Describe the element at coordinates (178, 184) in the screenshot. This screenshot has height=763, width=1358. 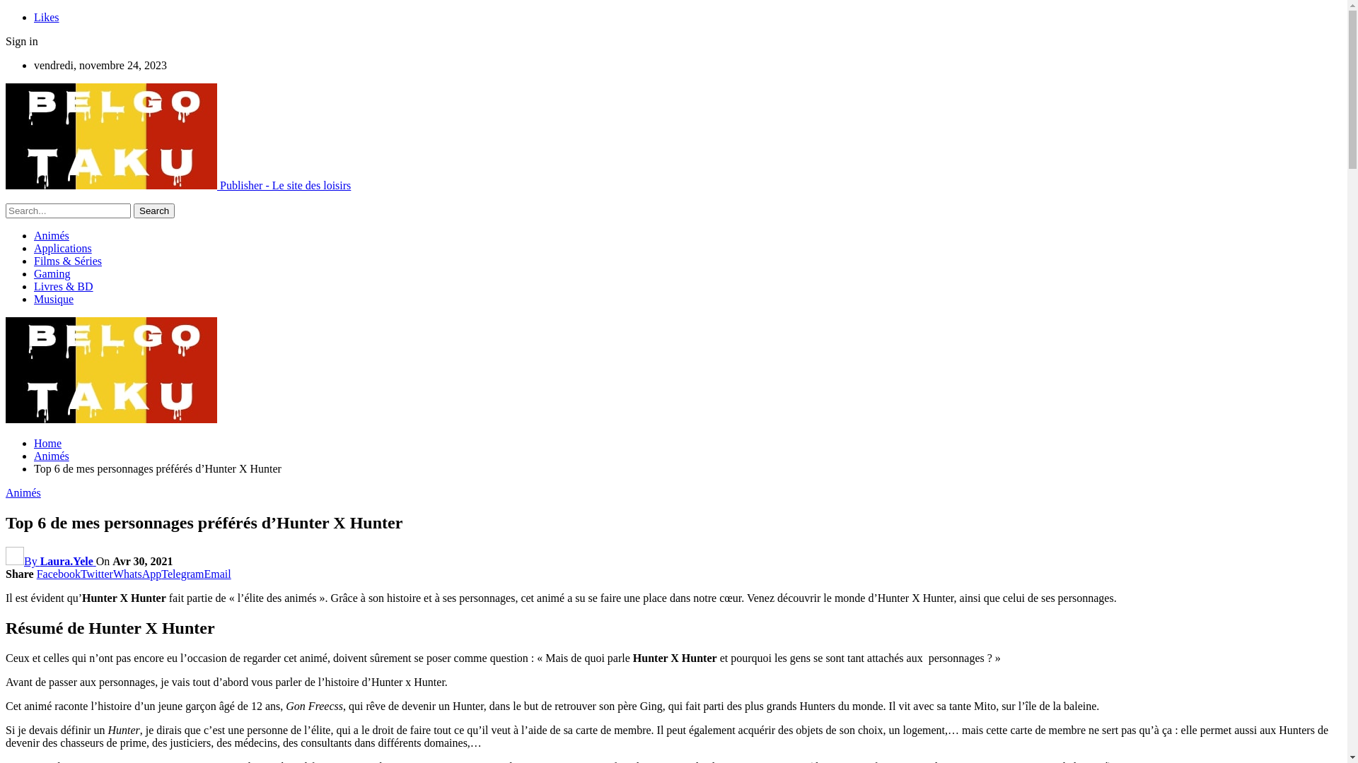
I see `'Publisher - Le site des loisirs'` at that location.